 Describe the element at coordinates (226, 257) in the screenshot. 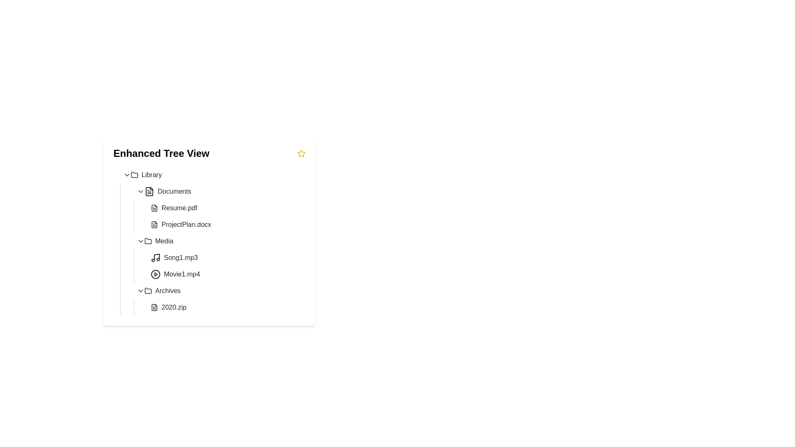

I see `the navigational item for the file 'Song1.mp3' located` at that location.